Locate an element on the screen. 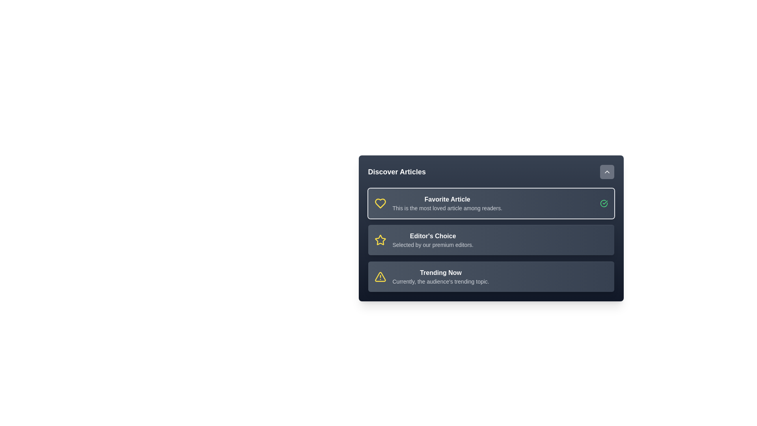 This screenshot has height=426, width=757. the toggle button to change the menu visibility is located at coordinates (606, 171).